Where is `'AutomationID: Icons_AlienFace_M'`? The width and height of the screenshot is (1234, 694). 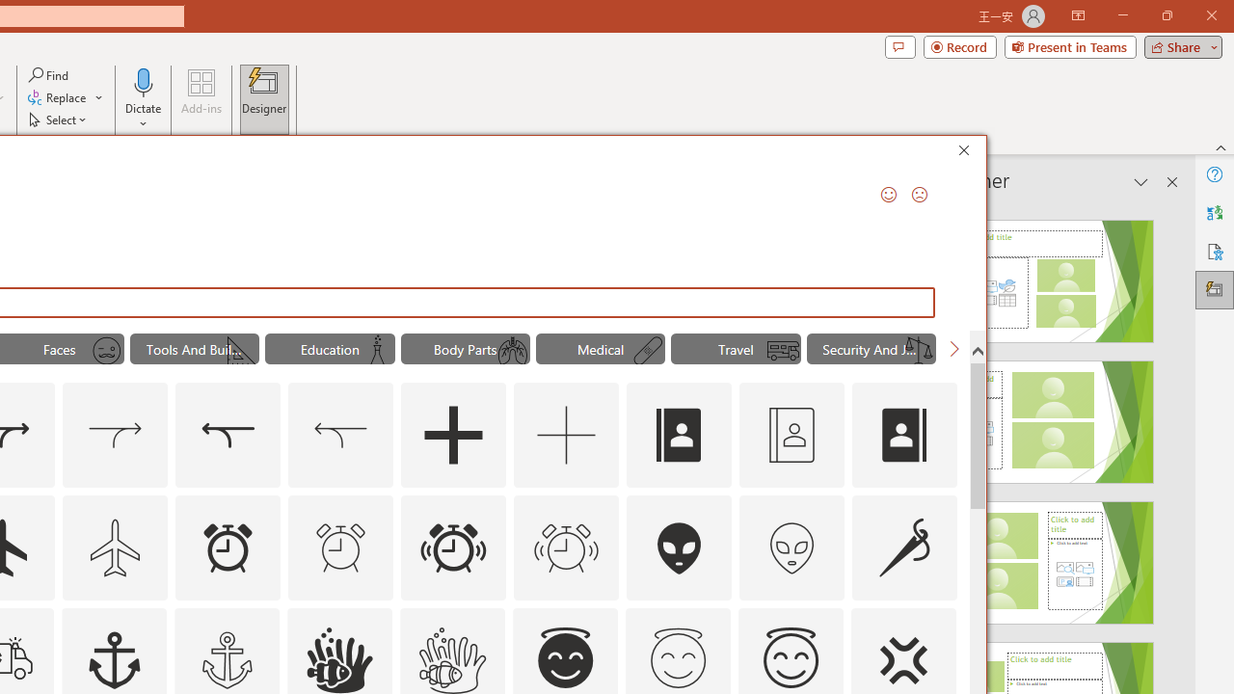
'AutomationID: Icons_AlienFace_M' is located at coordinates (791, 547).